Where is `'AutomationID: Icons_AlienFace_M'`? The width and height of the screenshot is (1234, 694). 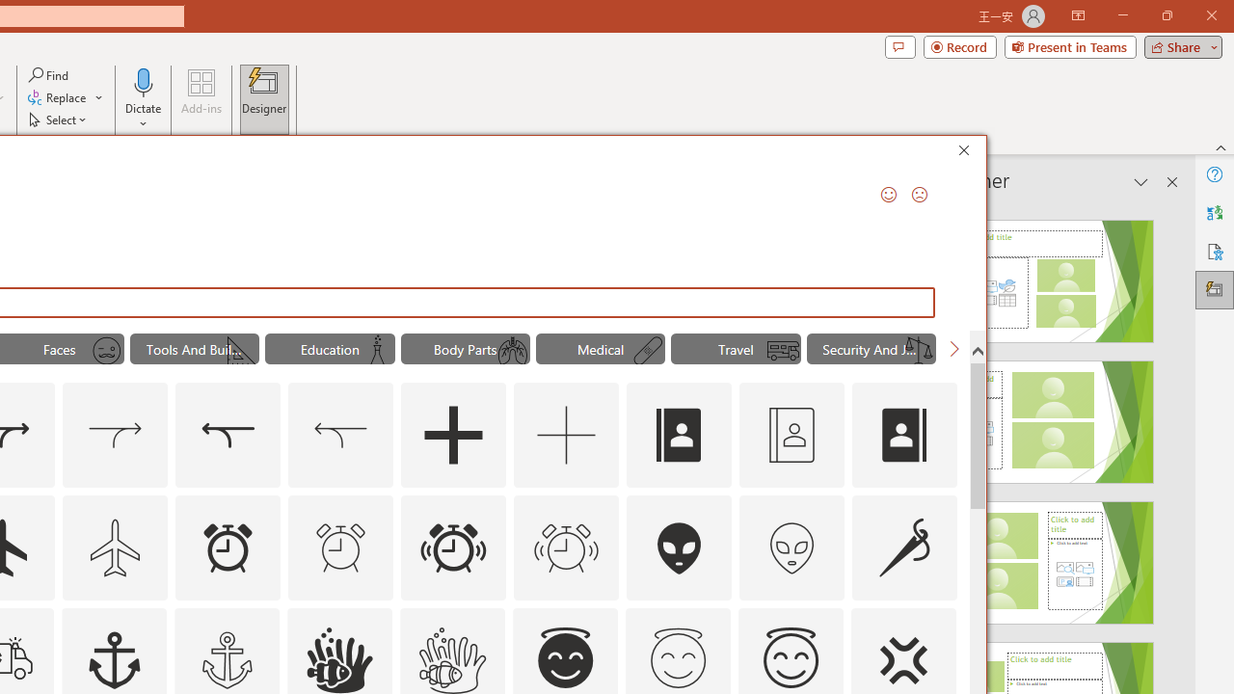
'AutomationID: Icons_AlienFace_M' is located at coordinates (791, 547).